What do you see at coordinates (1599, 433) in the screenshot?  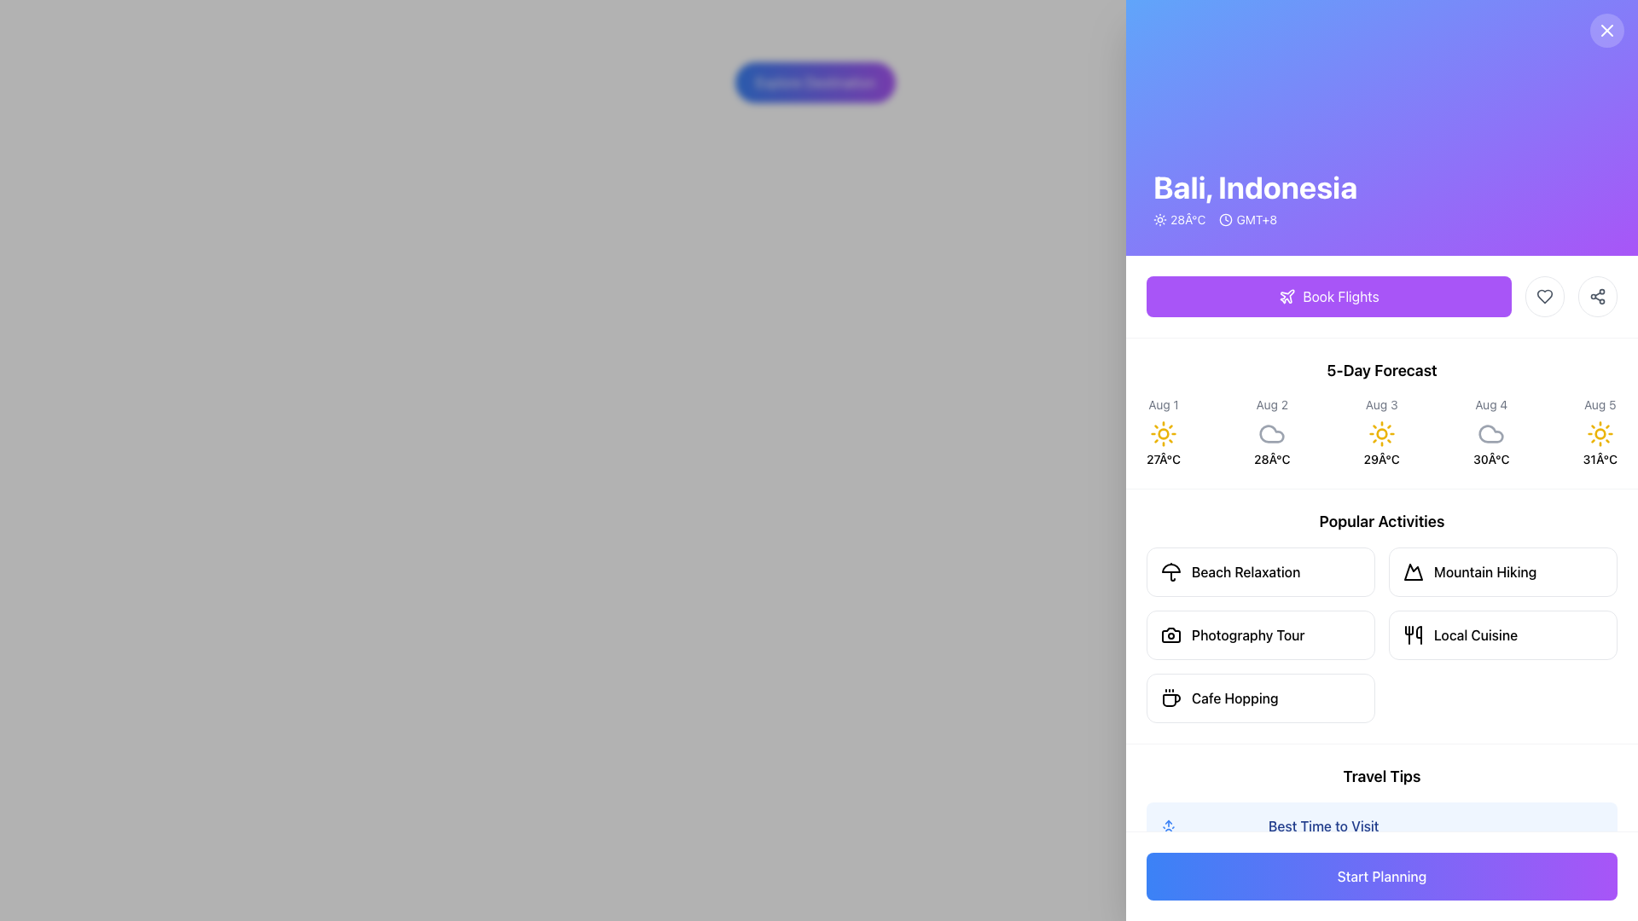 I see `the decorative circle icon that is part of the sun icon representing sunny weather, located at the top-right corner near the '5-Day Forecast' section` at bounding box center [1599, 433].